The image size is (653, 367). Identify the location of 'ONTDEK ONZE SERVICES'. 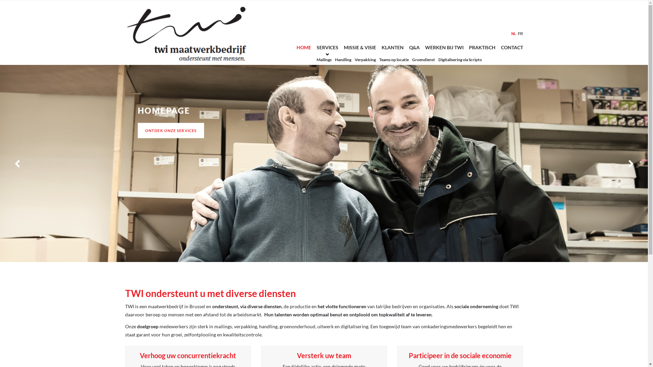
(171, 130).